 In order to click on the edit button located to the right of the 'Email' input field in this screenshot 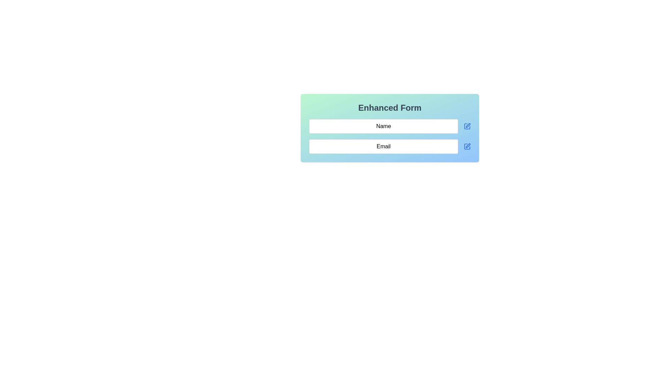, I will do `click(467, 146)`.